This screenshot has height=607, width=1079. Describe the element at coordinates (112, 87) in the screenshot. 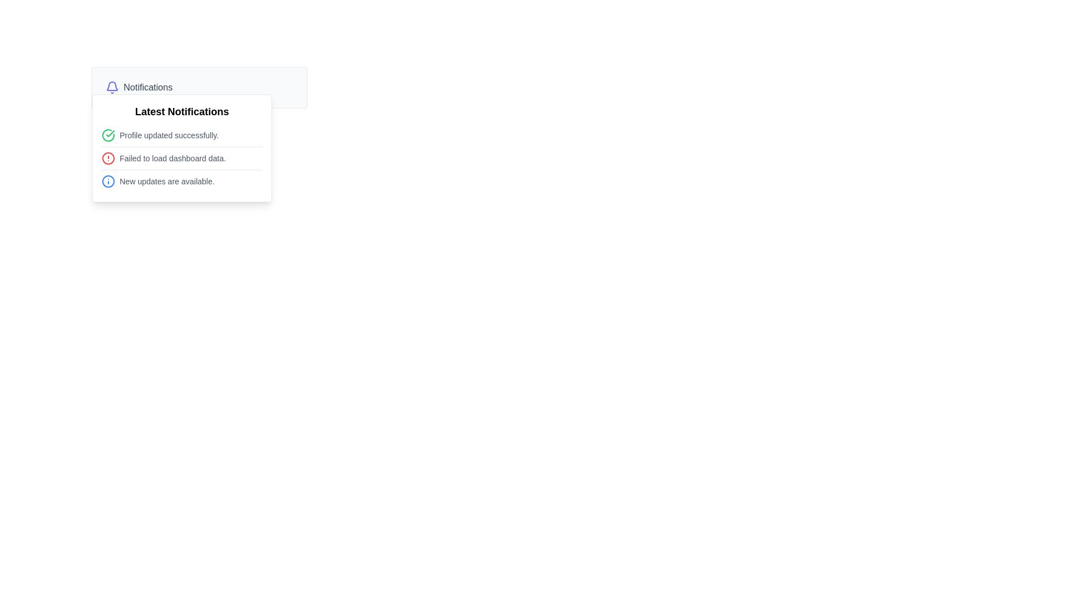

I see `the blue bell icon, which is part of the notifications section` at that location.